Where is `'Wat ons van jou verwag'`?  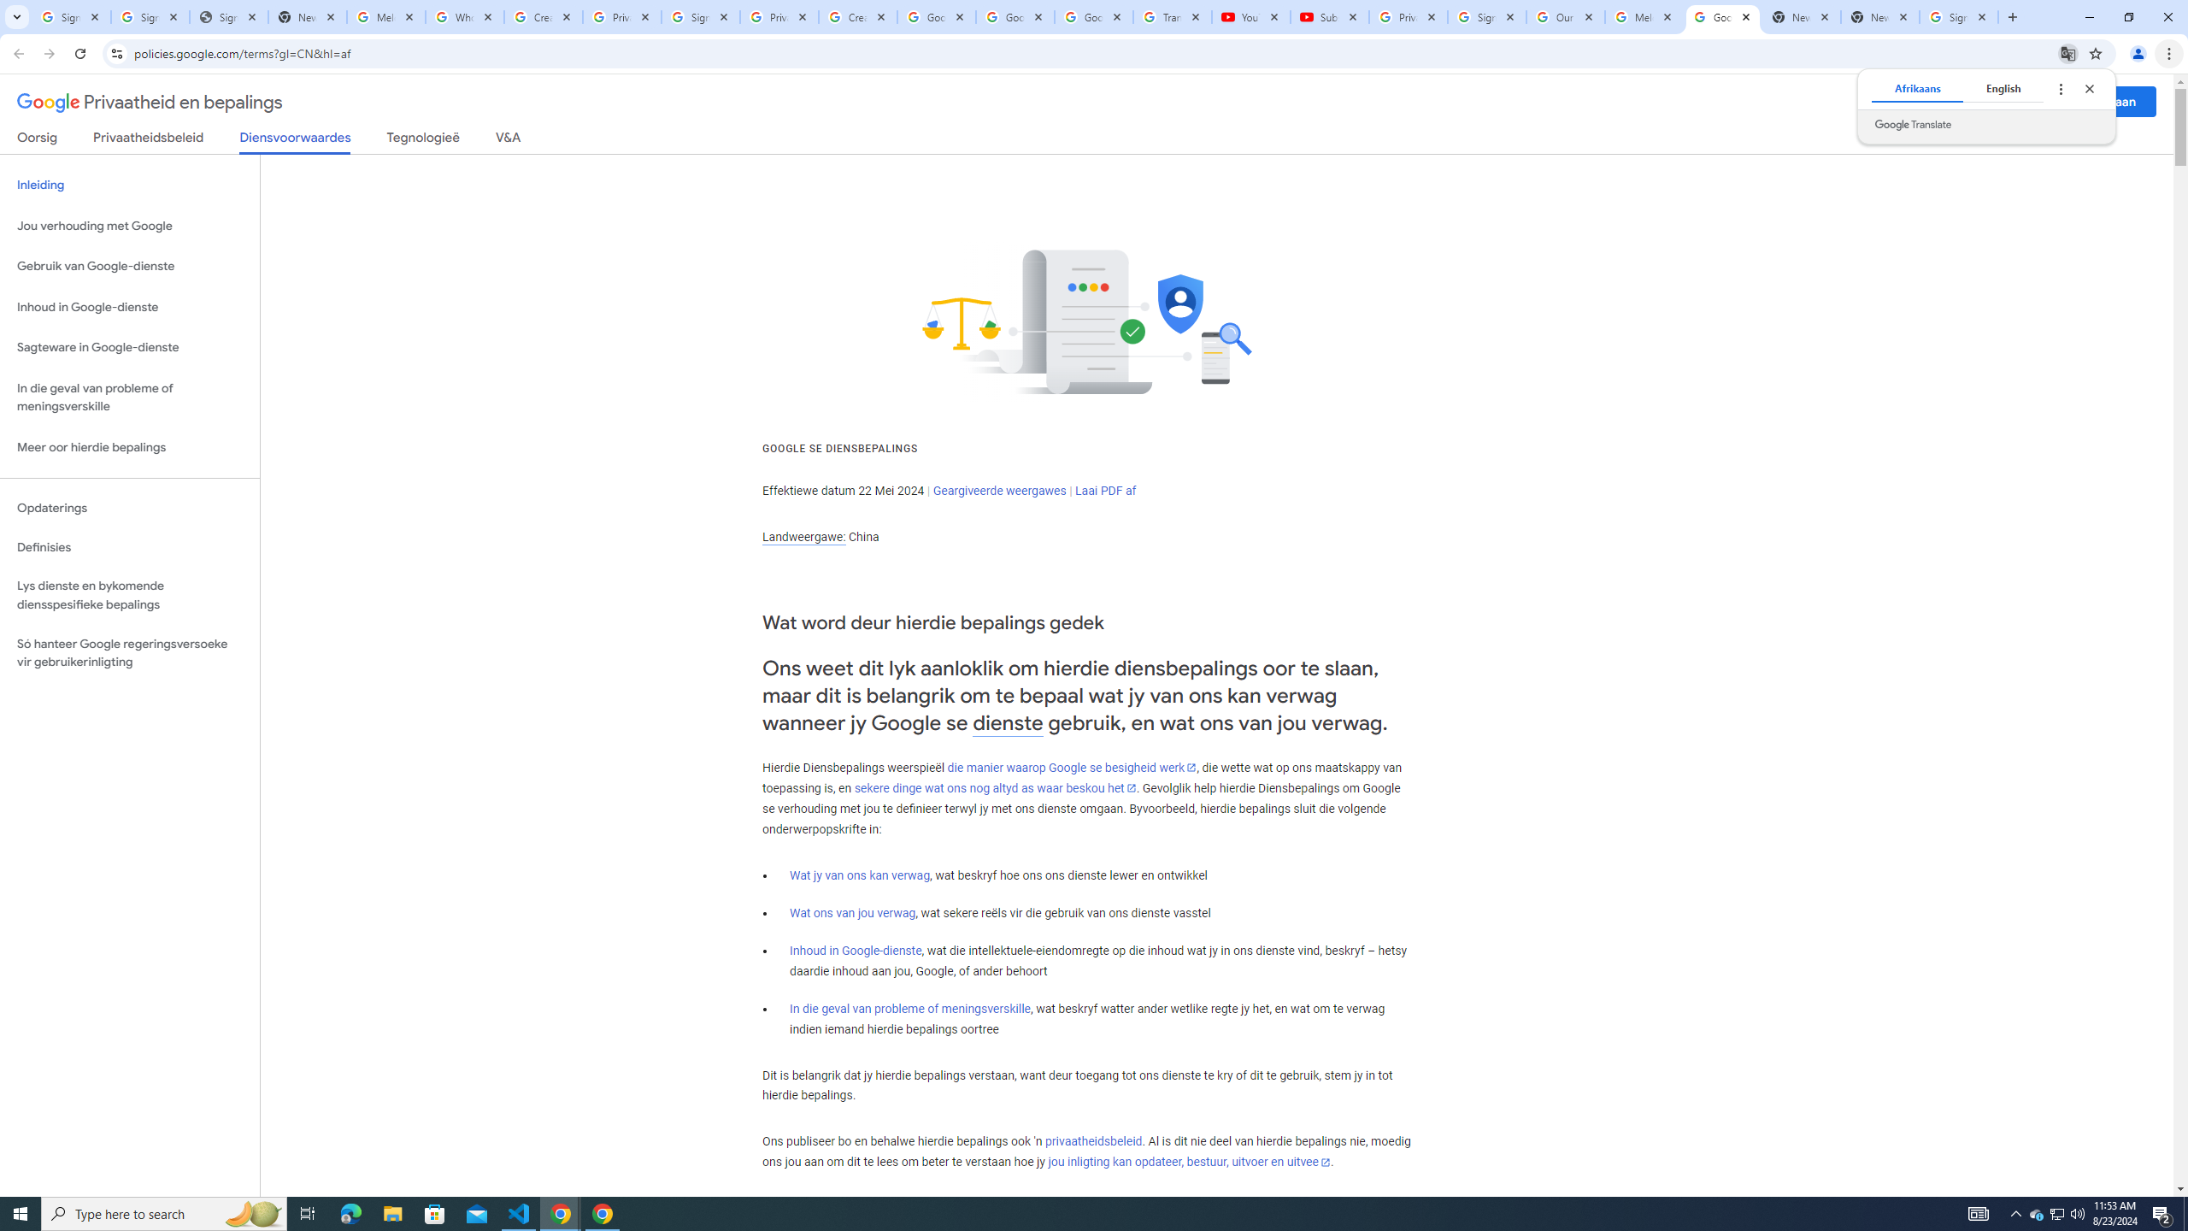 'Wat ons van jou verwag' is located at coordinates (853, 911).